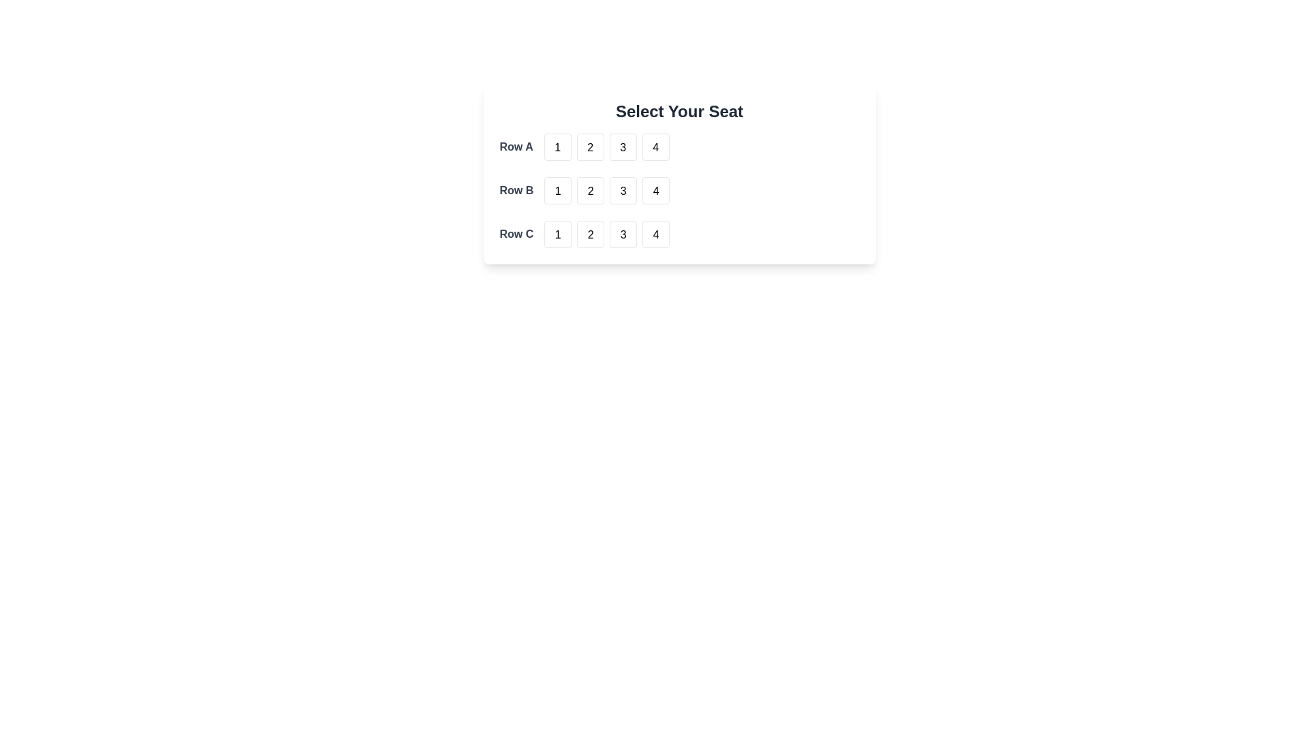 Image resolution: width=1308 pixels, height=736 pixels. Describe the element at coordinates (623, 191) in the screenshot. I see `the selectable button representing seat number 3 in 'Row B'` at that location.